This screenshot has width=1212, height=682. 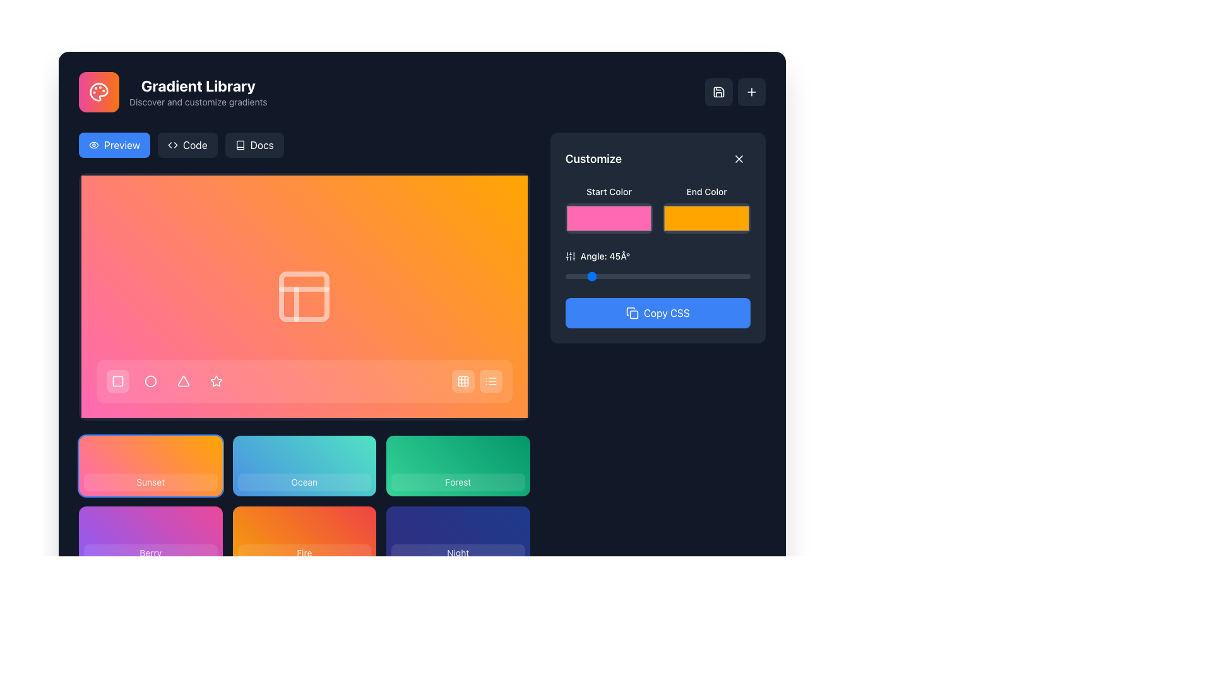 What do you see at coordinates (739, 158) in the screenshot?
I see `the Close icon located in the upper-right corner of the 'Customize' settings panel` at bounding box center [739, 158].